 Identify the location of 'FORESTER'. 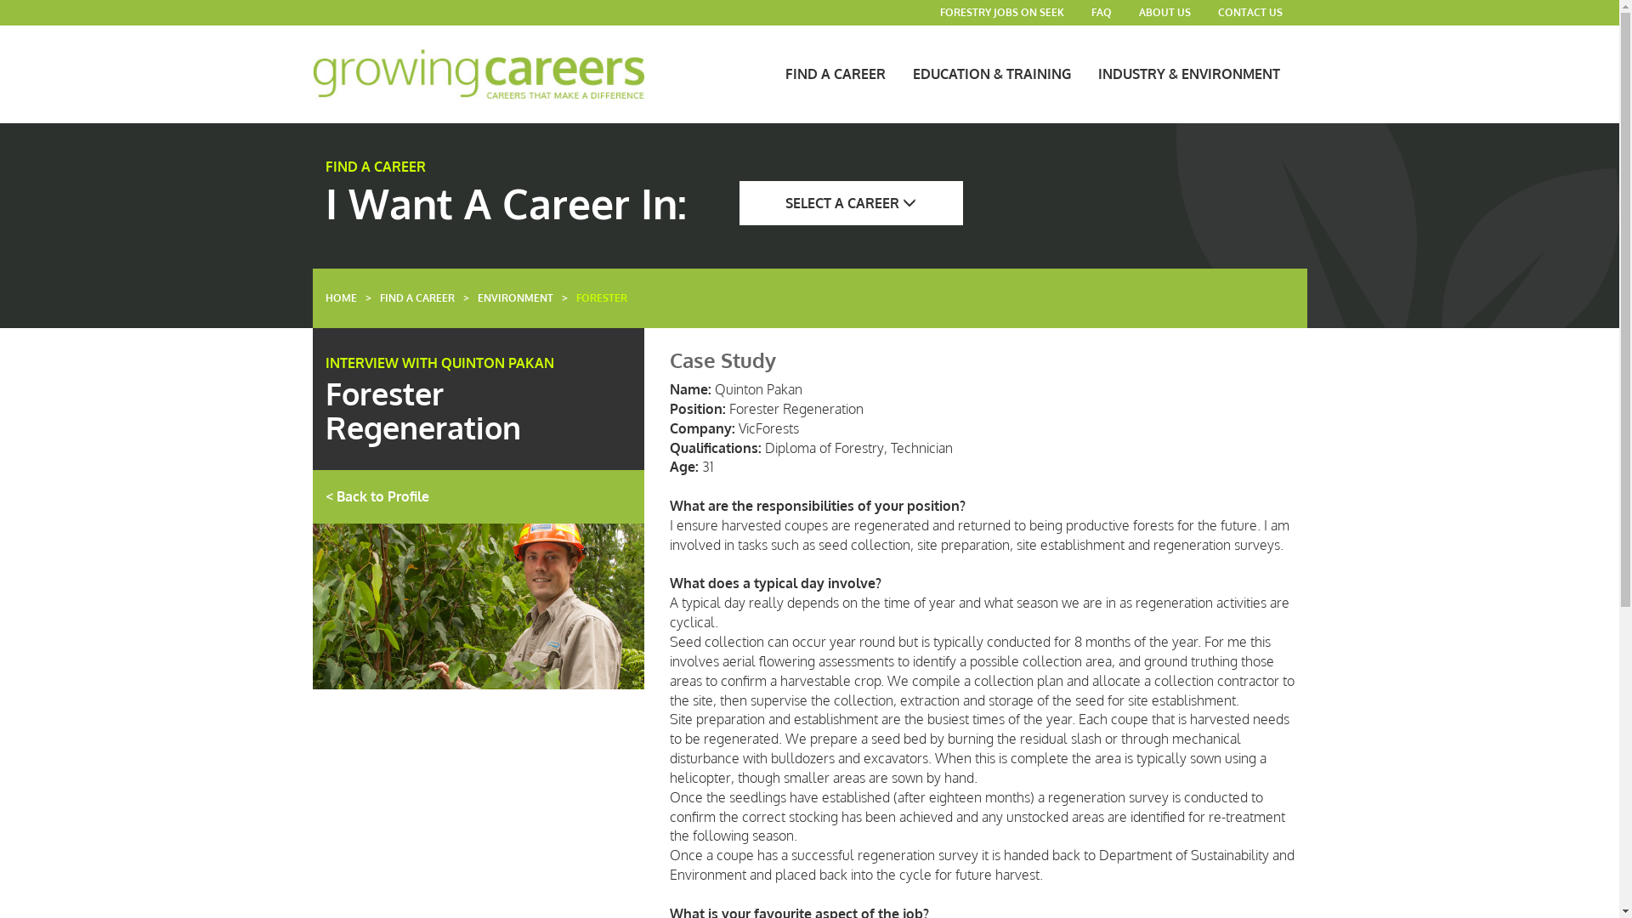
(606, 297).